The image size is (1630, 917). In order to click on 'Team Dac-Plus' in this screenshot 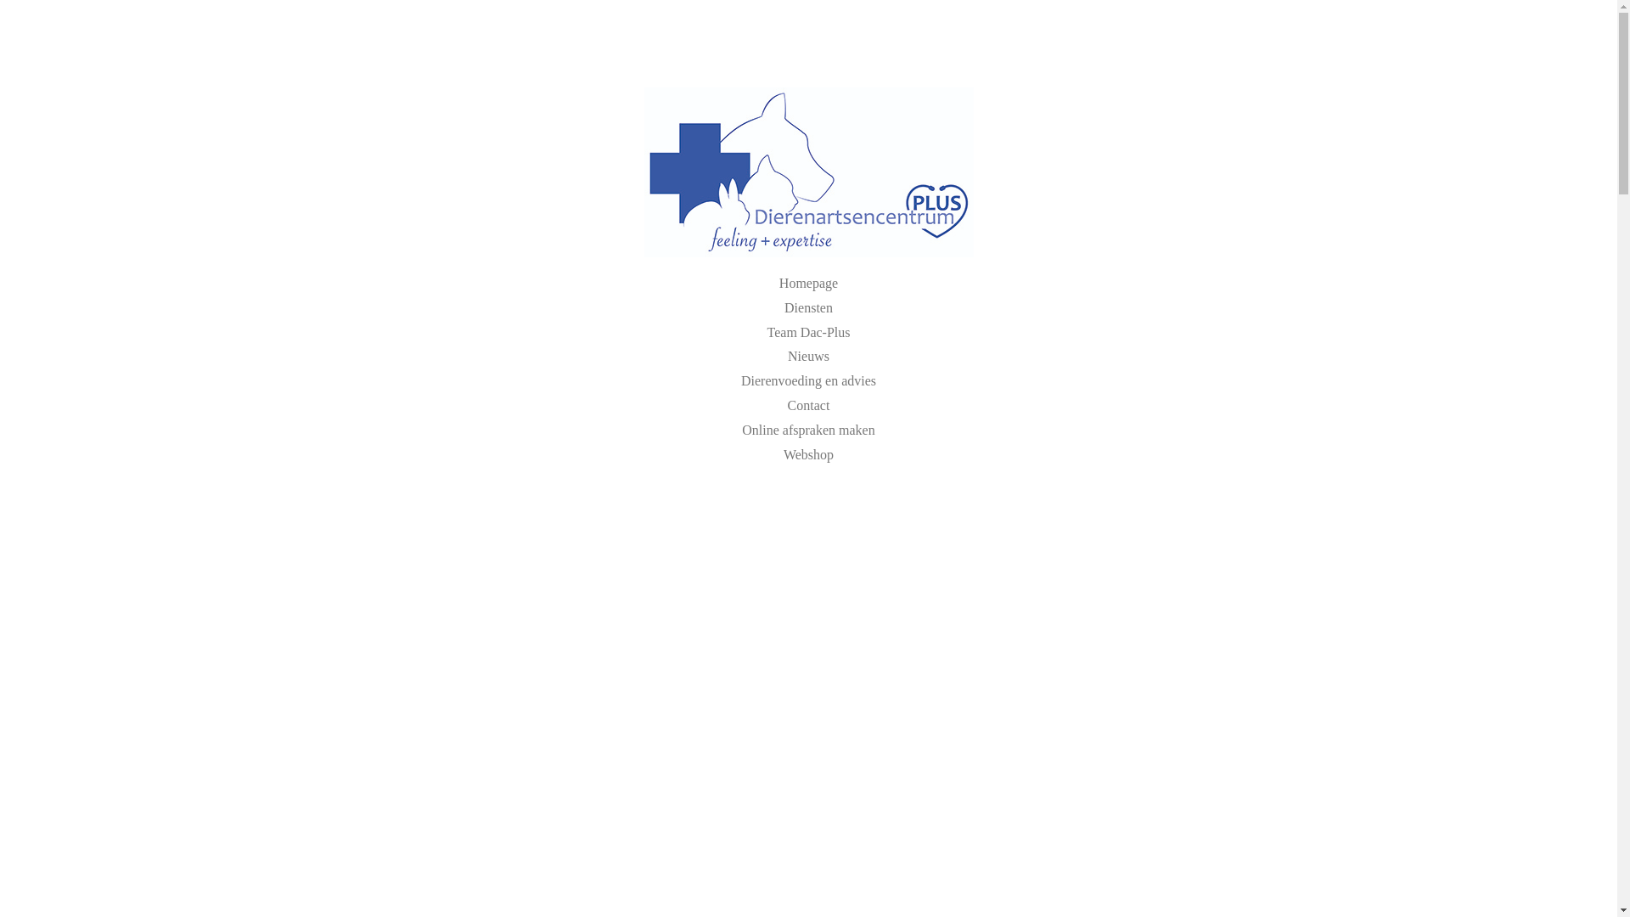, I will do `click(808, 332)`.